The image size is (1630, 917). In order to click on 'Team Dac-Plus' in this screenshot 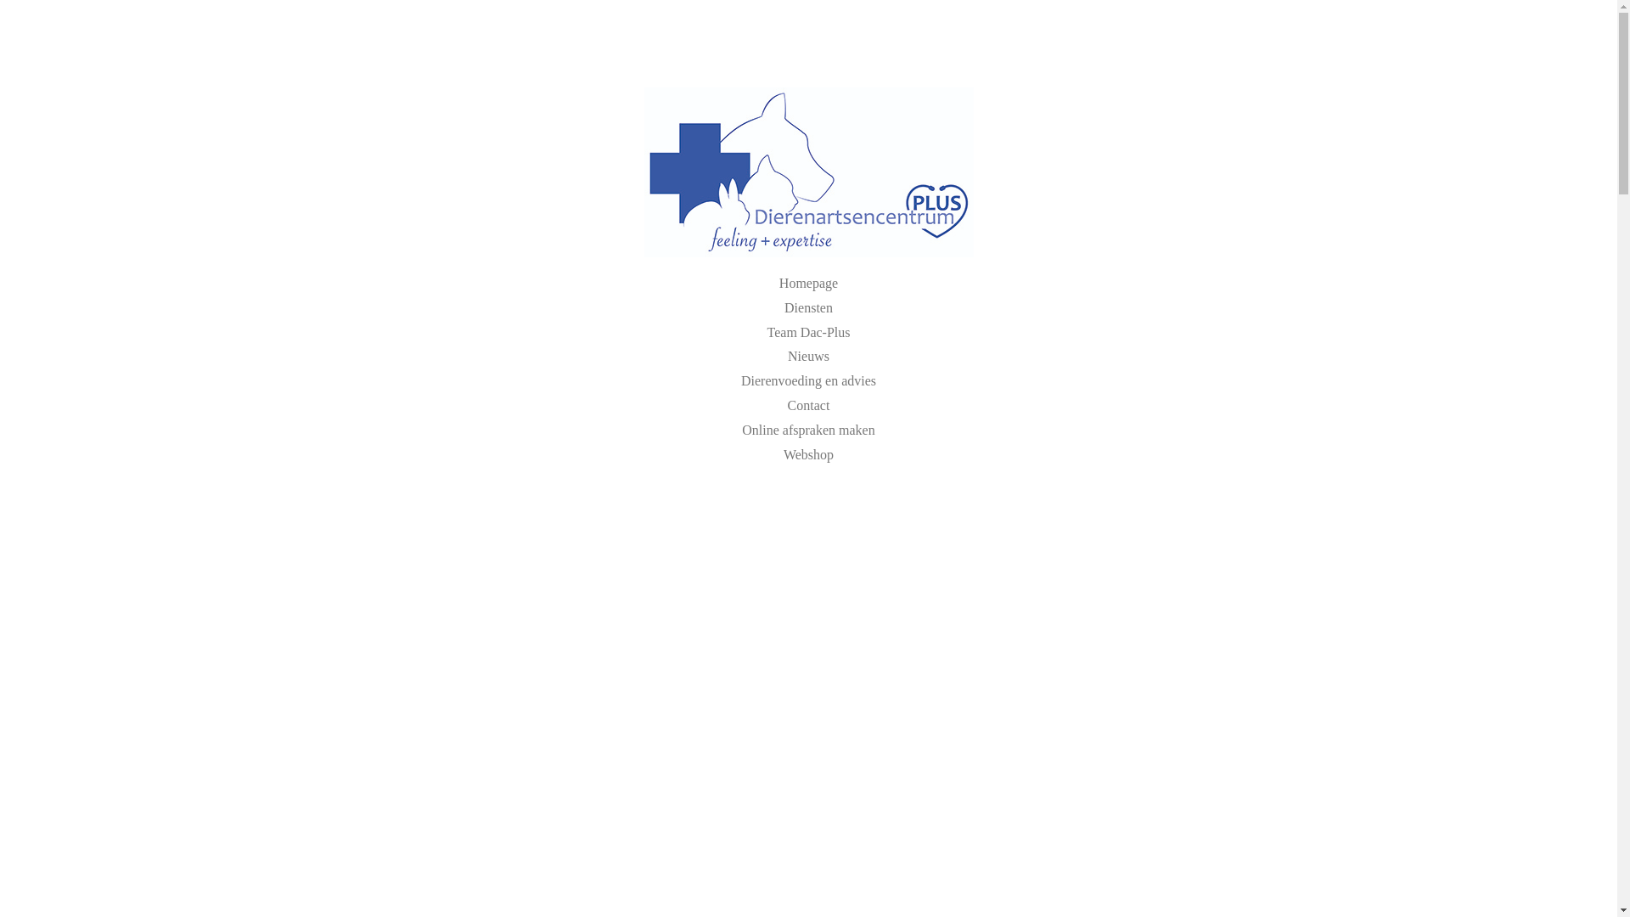, I will do `click(808, 332)`.